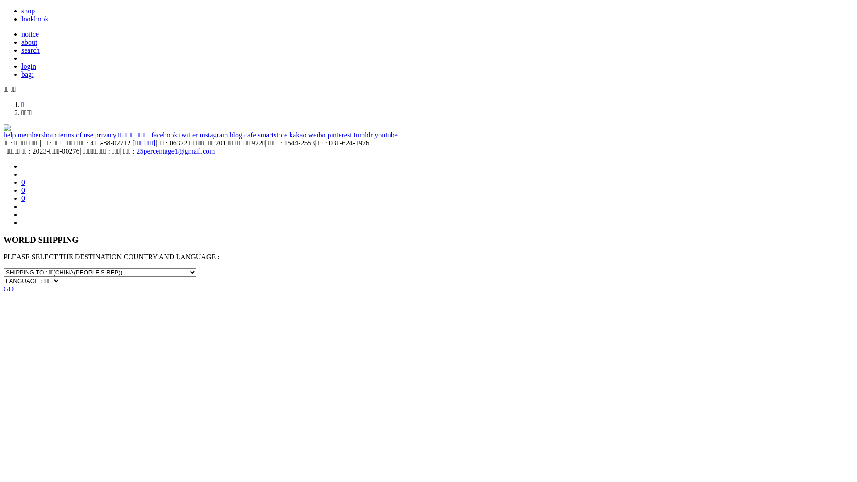 The width and height of the screenshot is (857, 482). I want to click on '0', so click(23, 190).